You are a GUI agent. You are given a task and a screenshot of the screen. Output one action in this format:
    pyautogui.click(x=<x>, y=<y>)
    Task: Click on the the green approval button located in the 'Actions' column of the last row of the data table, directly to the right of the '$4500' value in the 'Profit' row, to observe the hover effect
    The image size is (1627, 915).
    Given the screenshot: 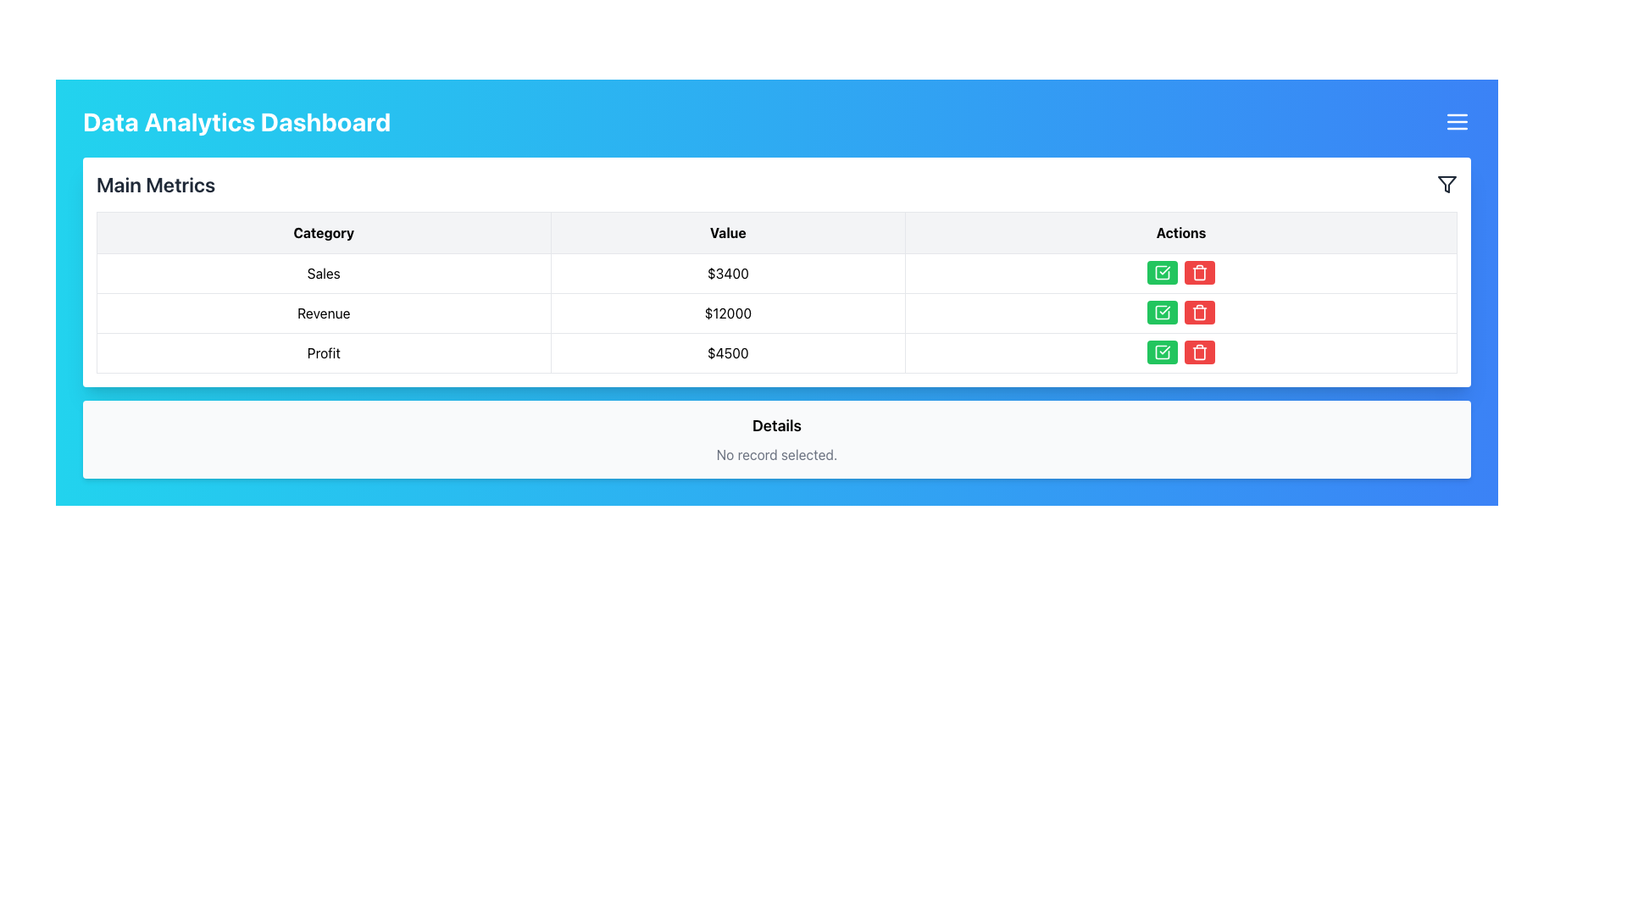 What is the action you would take?
    pyautogui.click(x=1162, y=352)
    